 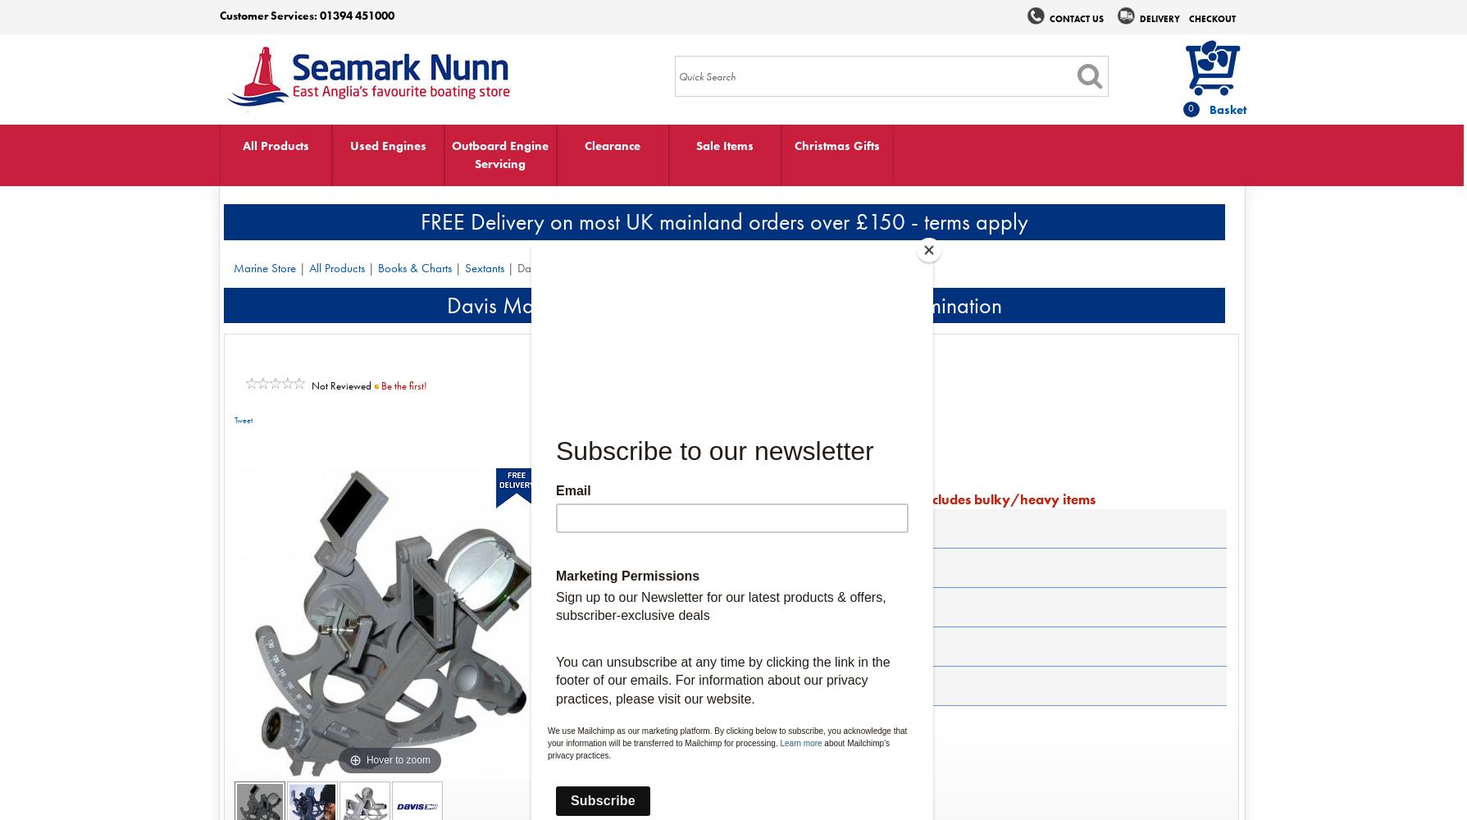 What do you see at coordinates (595, 605) in the screenshot?
I see `'Media'` at bounding box center [595, 605].